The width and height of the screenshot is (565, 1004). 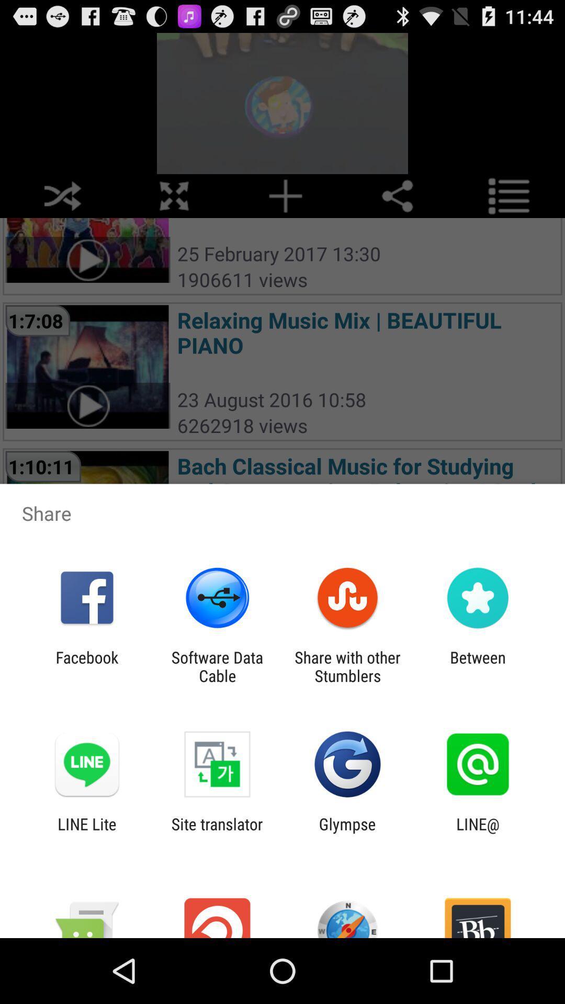 I want to click on software data cable app, so click(x=217, y=666).